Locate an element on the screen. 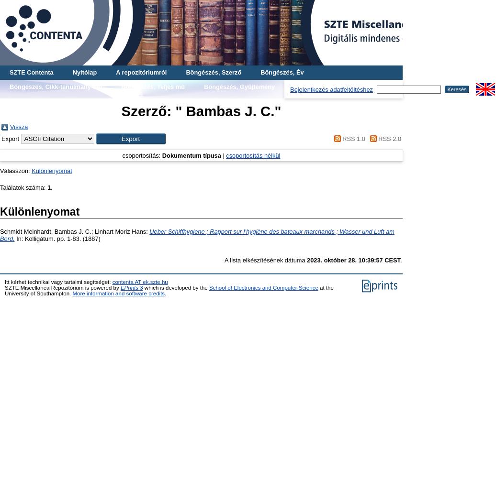 Image resolution: width=496 pixels, height=478 pixels. '2023. október 28. 10:39:57 CEST' is located at coordinates (306, 260).